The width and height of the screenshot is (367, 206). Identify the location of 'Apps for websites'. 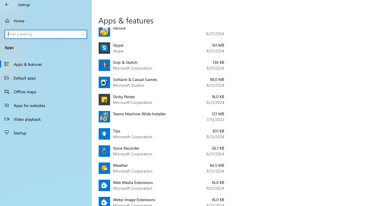
(46, 105).